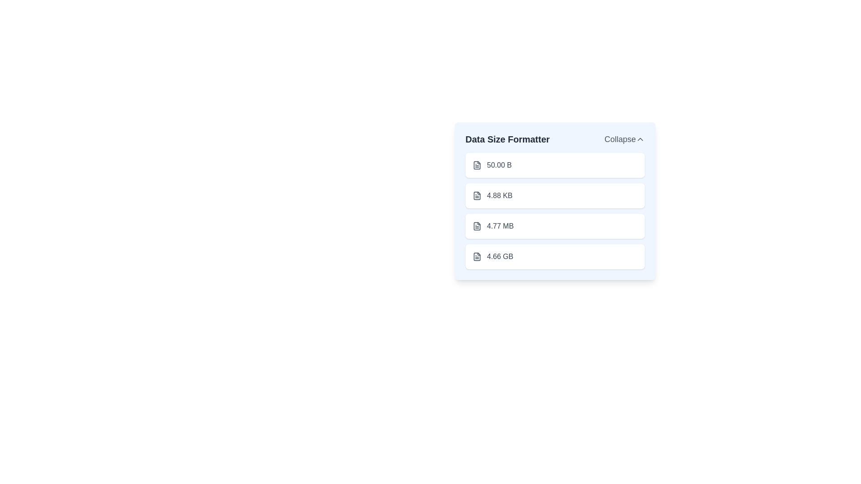 The height and width of the screenshot is (484, 861). I want to click on the icon representing the third file in the list, located on the right side of the interface, so click(477, 225).